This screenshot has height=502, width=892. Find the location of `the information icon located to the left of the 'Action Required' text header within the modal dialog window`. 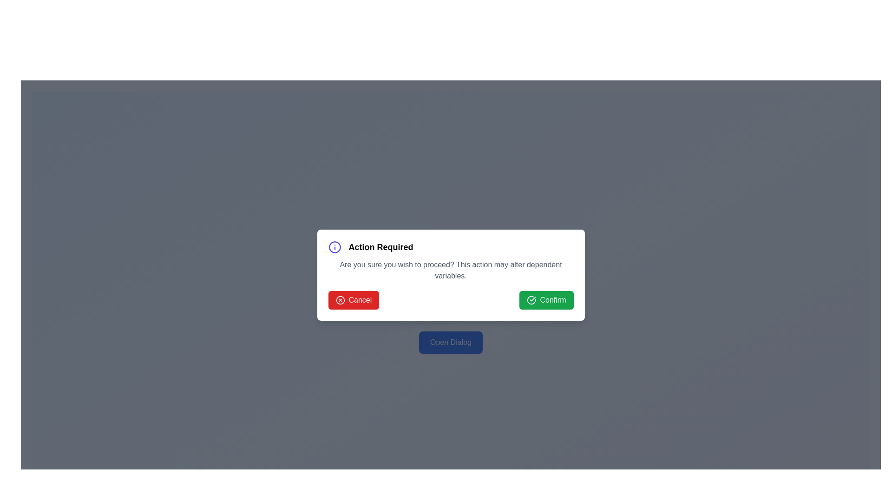

the information icon located to the left of the 'Action Required' text header within the modal dialog window is located at coordinates (334, 246).